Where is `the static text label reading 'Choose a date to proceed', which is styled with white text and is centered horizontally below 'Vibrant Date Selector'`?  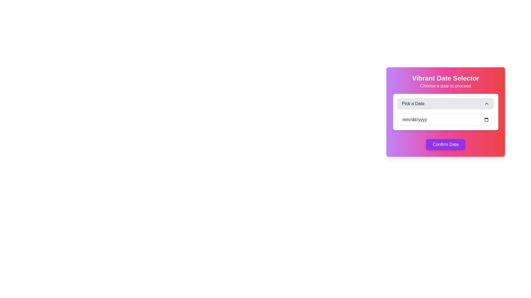
the static text label reading 'Choose a date to proceed', which is styled with white text and is centered horizontally below 'Vibrant Date Selector' is located at coordinates (446, 86).